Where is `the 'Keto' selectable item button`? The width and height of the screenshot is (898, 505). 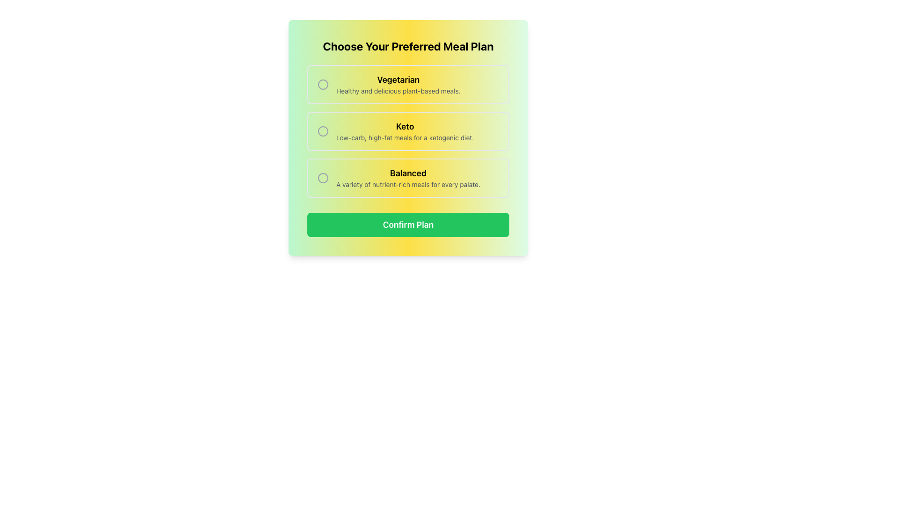
the 'Keto' selectable item button is located at coordinates (408, 131).